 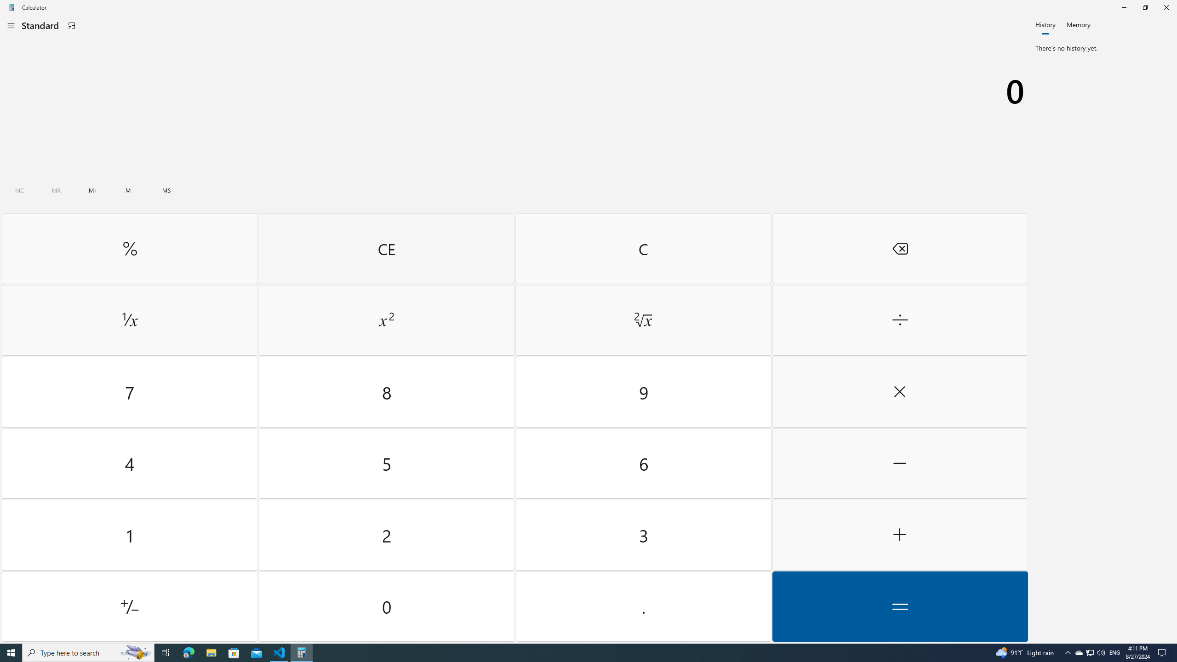 What do you see at coordinates (386, 248) in the screenshot?
I see `'Clear entry'` at bounding box center [386, 248].